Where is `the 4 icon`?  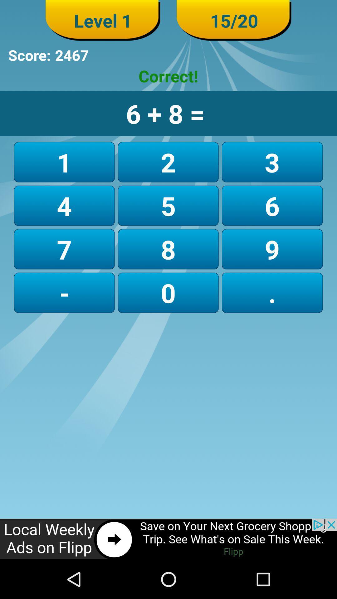 the 4 icon is located at coordinates (64, 206).